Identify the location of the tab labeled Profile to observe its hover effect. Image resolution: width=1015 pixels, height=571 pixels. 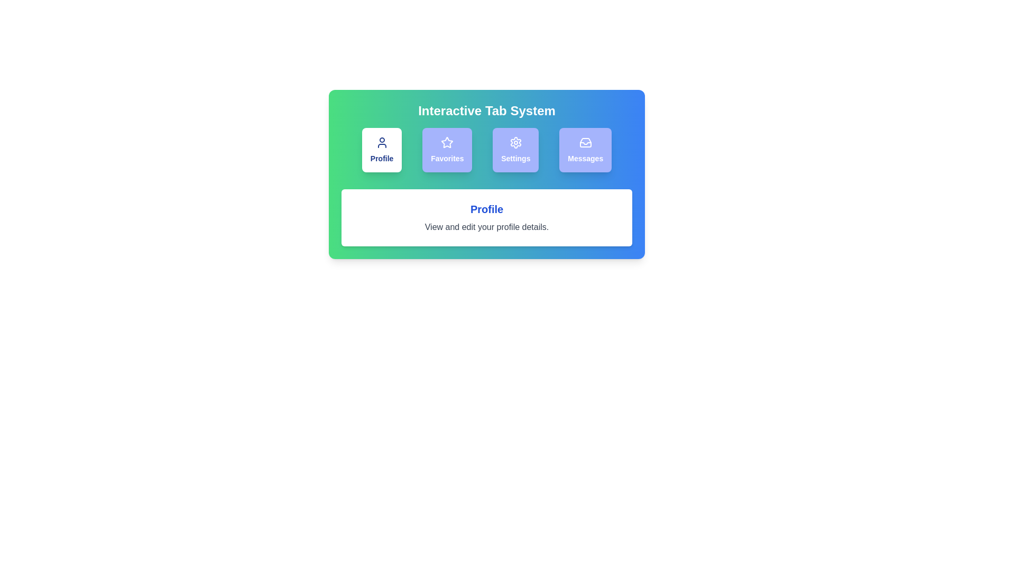
(381, 150).